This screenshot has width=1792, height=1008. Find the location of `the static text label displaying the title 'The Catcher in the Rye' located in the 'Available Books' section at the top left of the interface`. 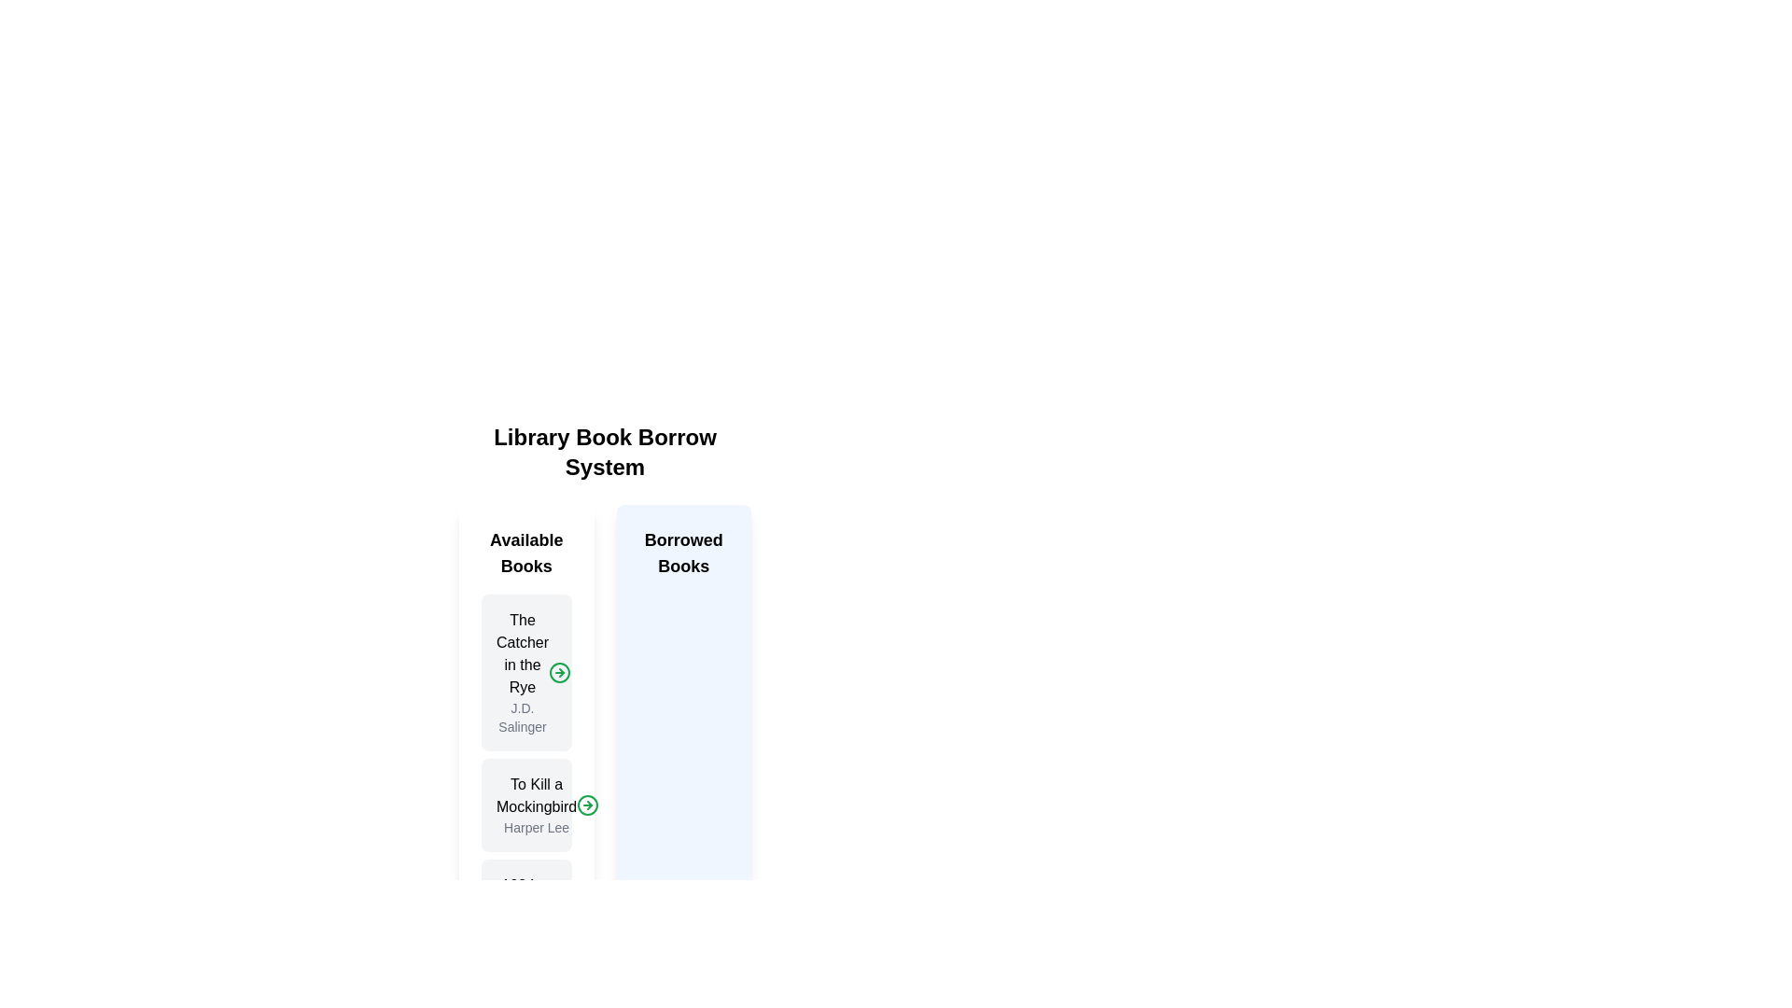

the static text label displaying the title 'The Catcher in the Rye' located in the 'Available Books' section at the top left of the interface is located at coordinates (523, 653).